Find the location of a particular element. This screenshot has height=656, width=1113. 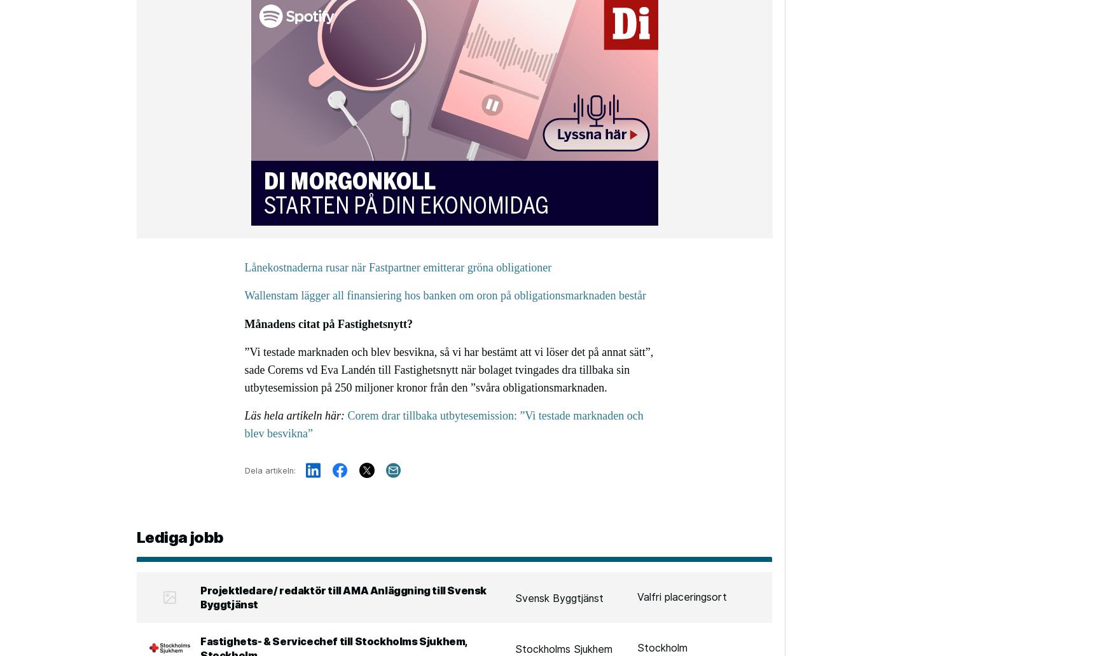

'Månadens citat på Fastighetsnytt?' is located at coordinates (328, 322).